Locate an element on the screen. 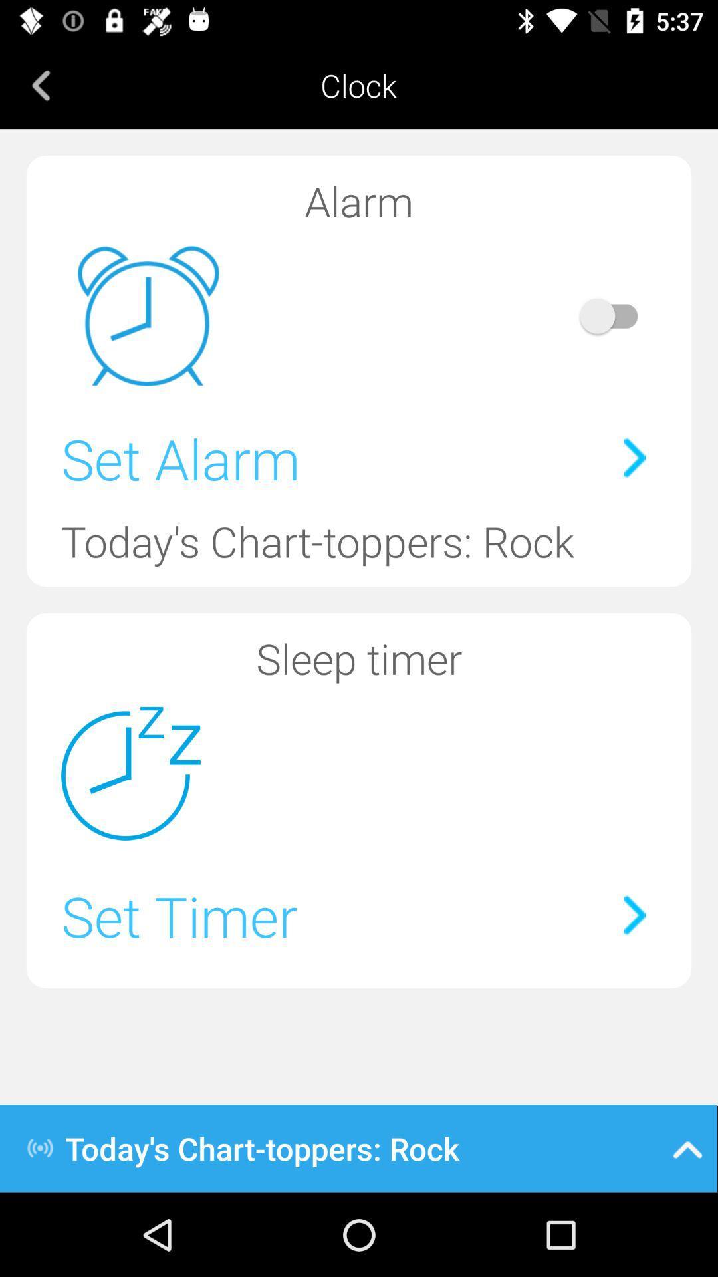 The height and width of the screenshot is (1277, 718). the expand_less icon is located at coordinates (687, 1147).